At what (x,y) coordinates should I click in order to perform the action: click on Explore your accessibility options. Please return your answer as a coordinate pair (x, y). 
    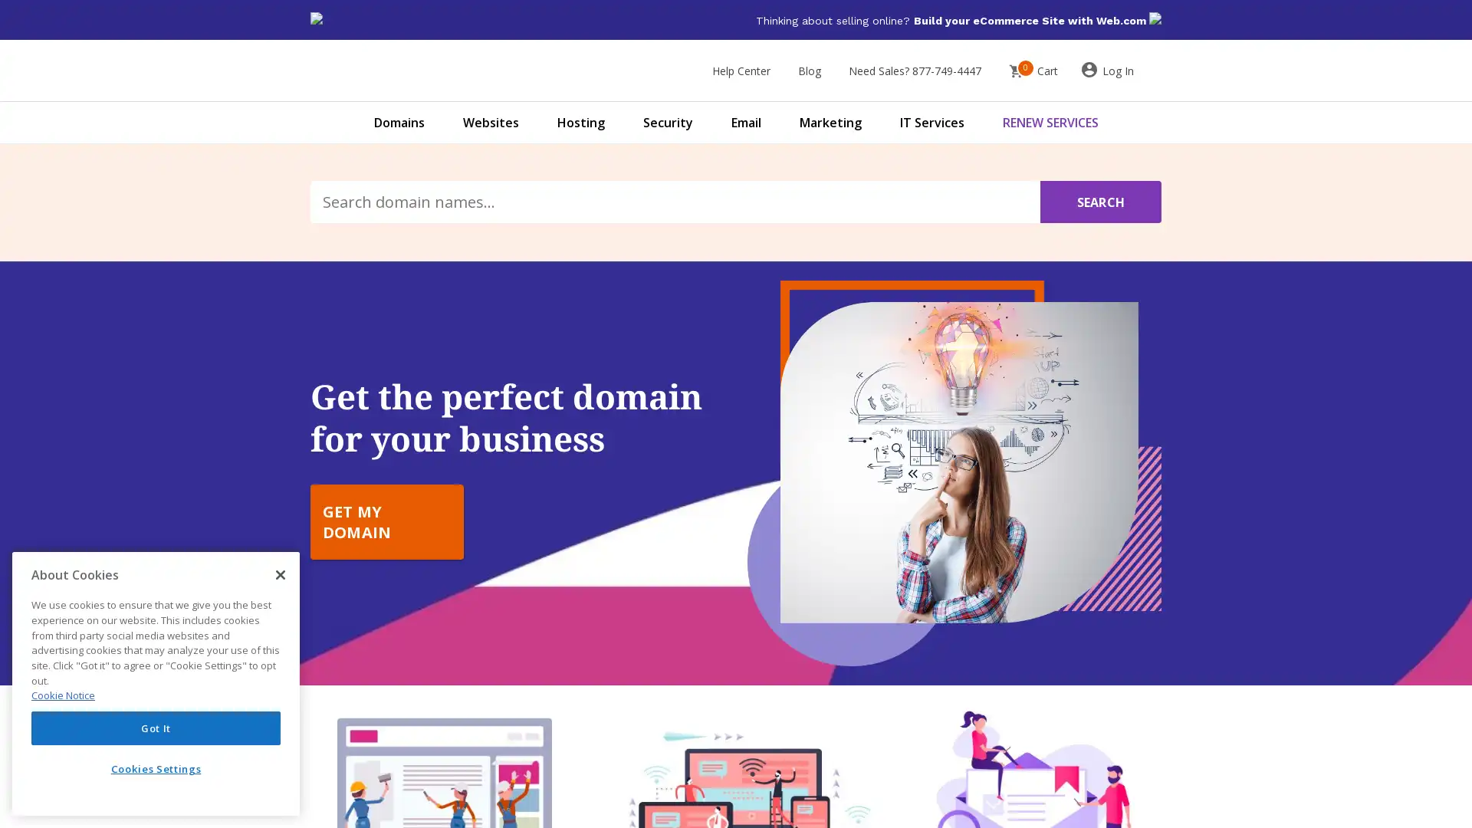
    Looking at the image, I should click on (25, 750).